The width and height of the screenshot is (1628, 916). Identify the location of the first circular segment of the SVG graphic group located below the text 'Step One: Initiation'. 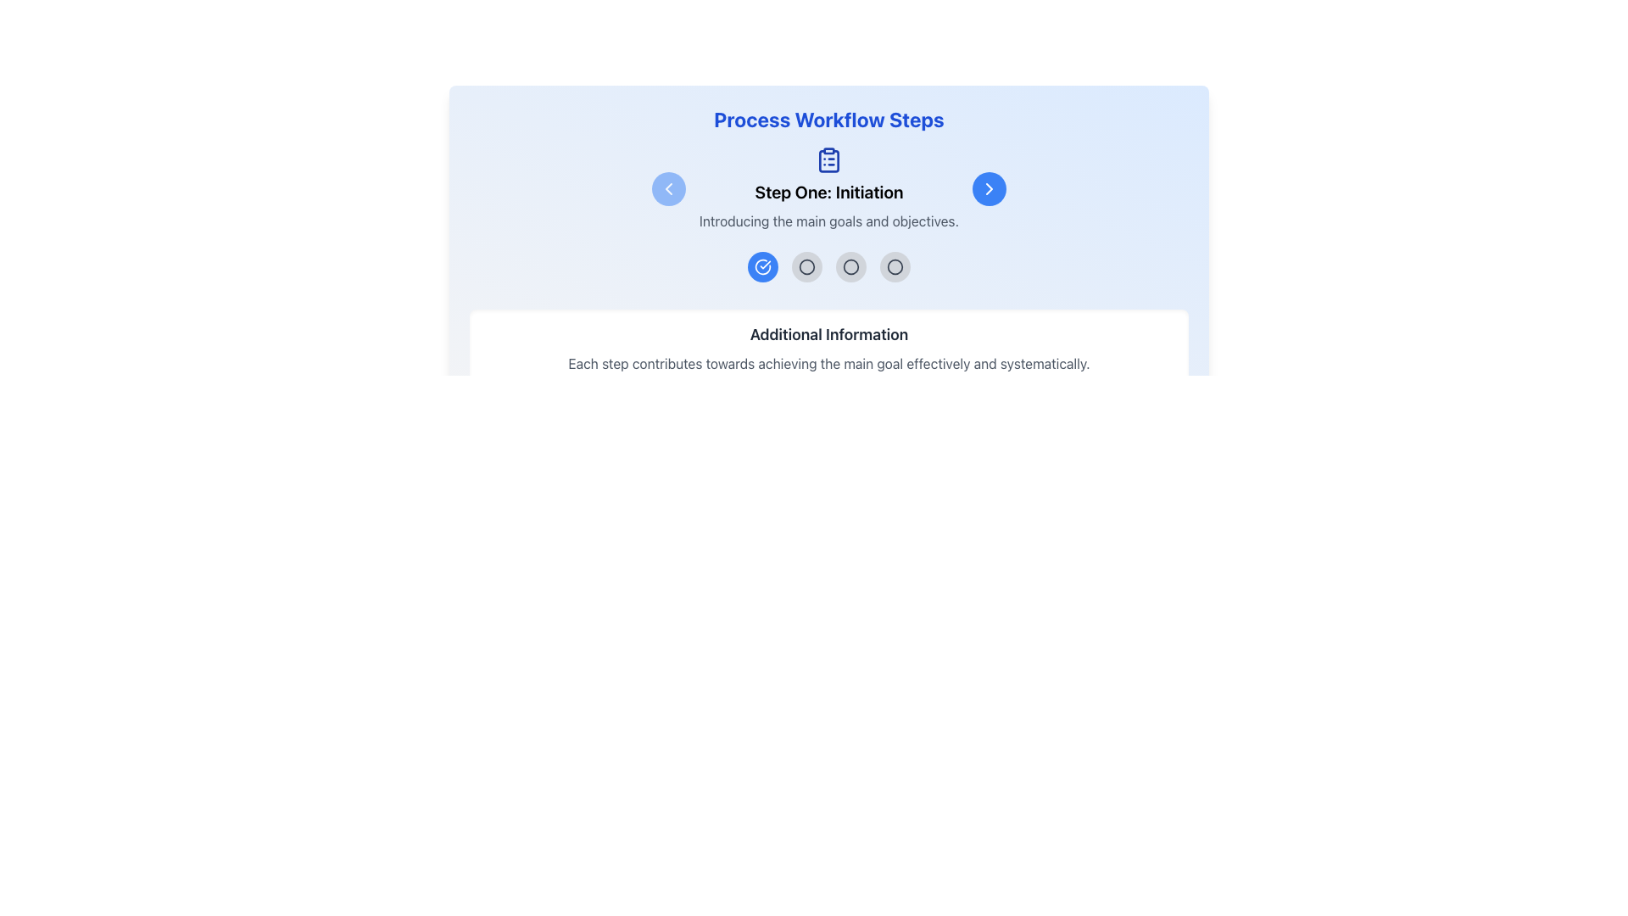
(762, 267).